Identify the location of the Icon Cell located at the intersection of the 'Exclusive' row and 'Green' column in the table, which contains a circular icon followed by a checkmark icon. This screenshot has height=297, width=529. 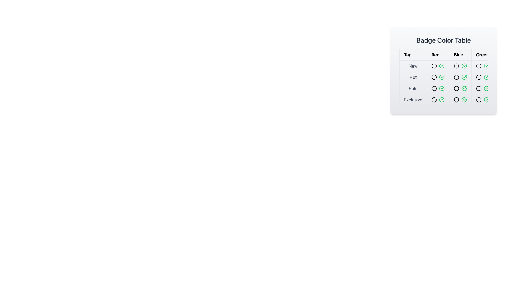
(482, 100).